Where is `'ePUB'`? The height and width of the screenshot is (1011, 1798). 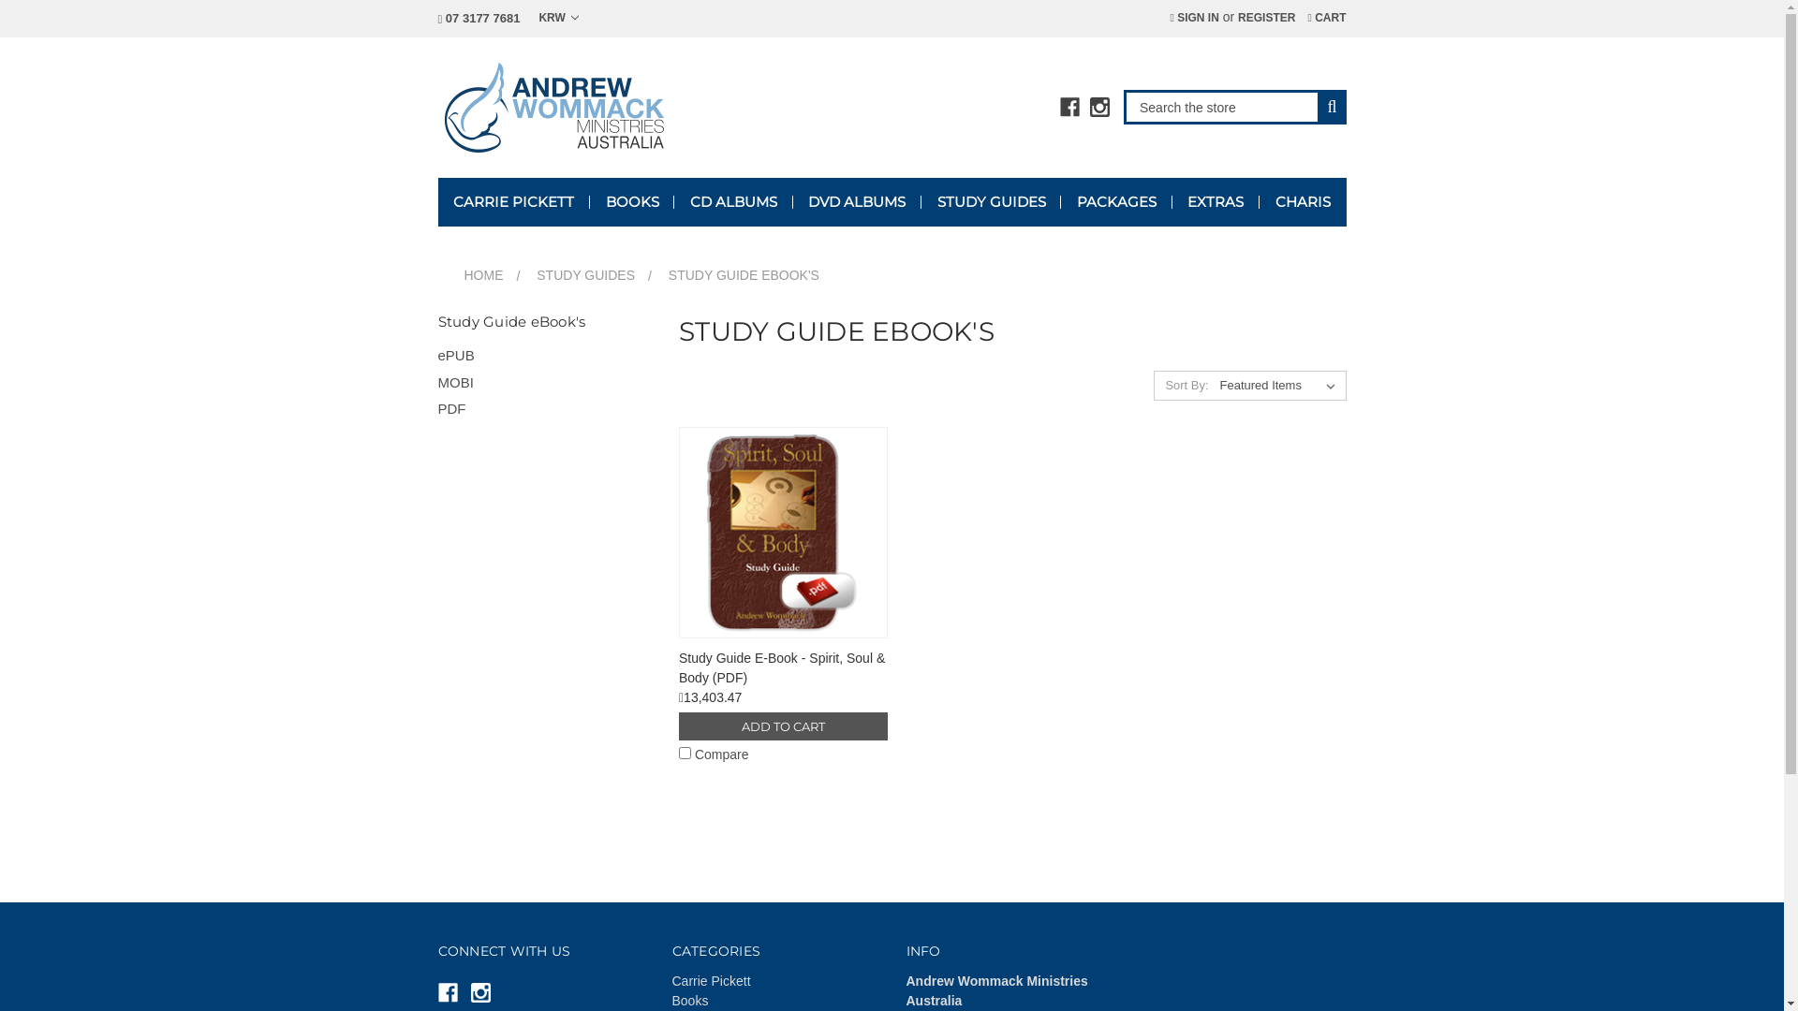 'ePUB' is located at coordinates (436, 356).